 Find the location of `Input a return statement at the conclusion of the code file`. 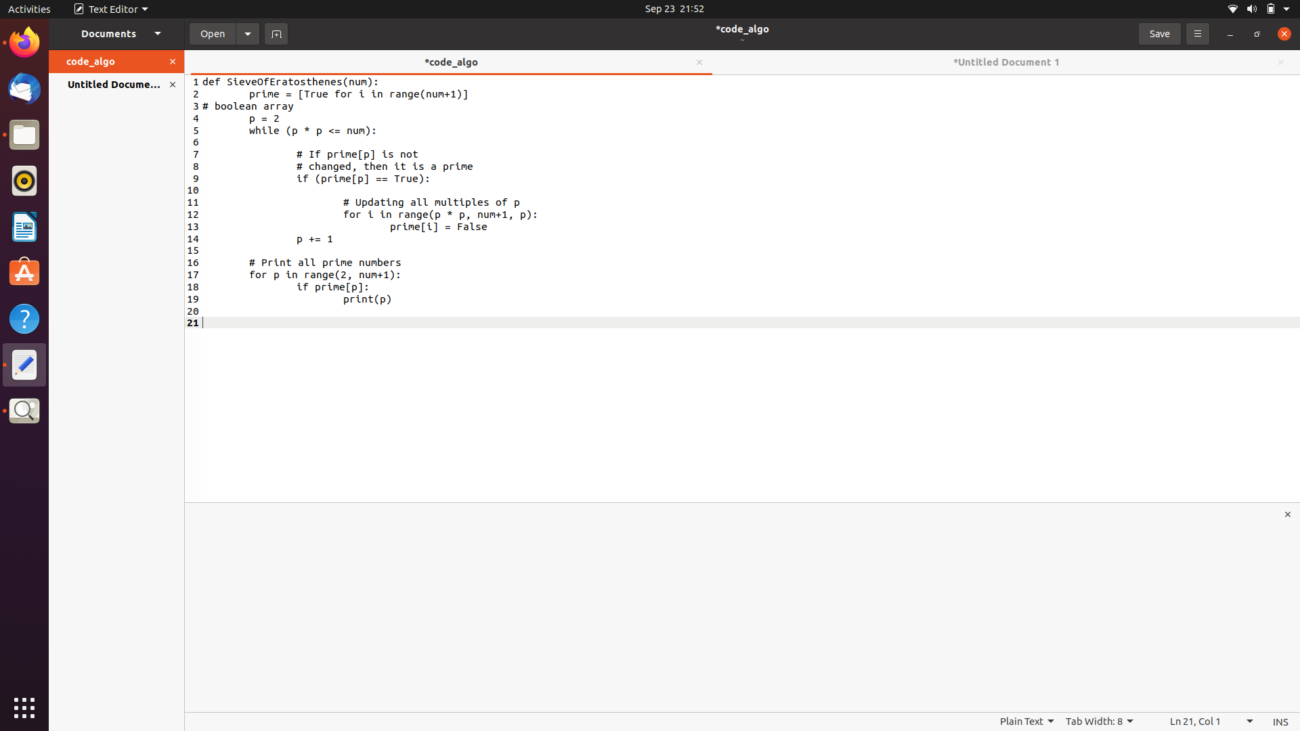

Input a return statement at the conclusion of the code file is located at coordinates (750, 409).